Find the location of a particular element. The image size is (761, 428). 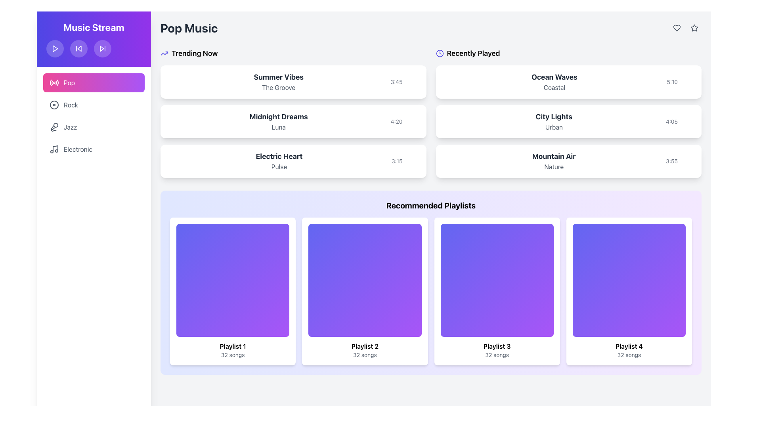

the play button for the audio track 'Ocean Waves', located in the 'Recently Played' section next to the time indicator '5:10' is located at coordinates (681, 82).